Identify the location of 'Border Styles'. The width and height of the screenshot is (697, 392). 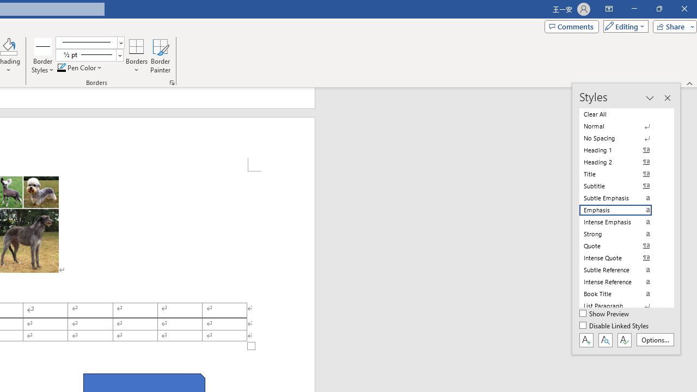
(43, 46).